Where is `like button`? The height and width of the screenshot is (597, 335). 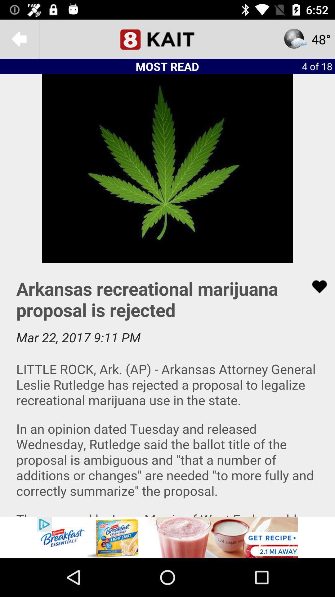 like button is located at coordinates (315, 286).